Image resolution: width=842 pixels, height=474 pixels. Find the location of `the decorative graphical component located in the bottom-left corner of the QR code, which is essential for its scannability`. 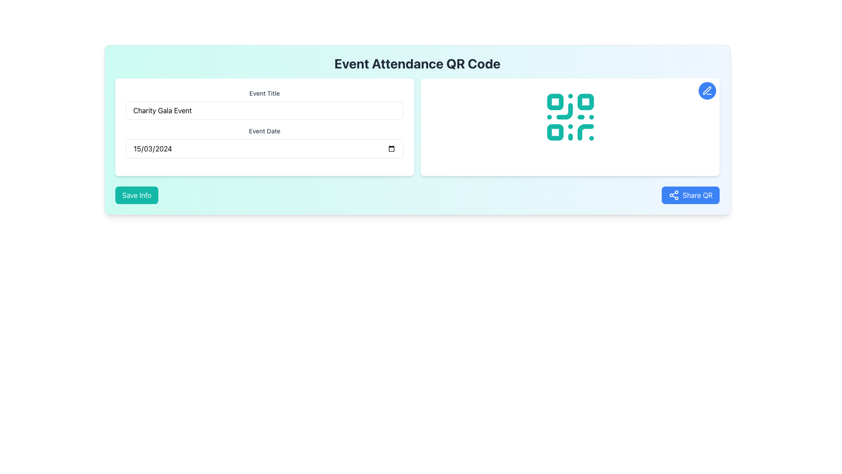

the decorative graphical component located in the bottom-left corner of the QR code, which is essential for its scannability is located at coordinates (554, 132).